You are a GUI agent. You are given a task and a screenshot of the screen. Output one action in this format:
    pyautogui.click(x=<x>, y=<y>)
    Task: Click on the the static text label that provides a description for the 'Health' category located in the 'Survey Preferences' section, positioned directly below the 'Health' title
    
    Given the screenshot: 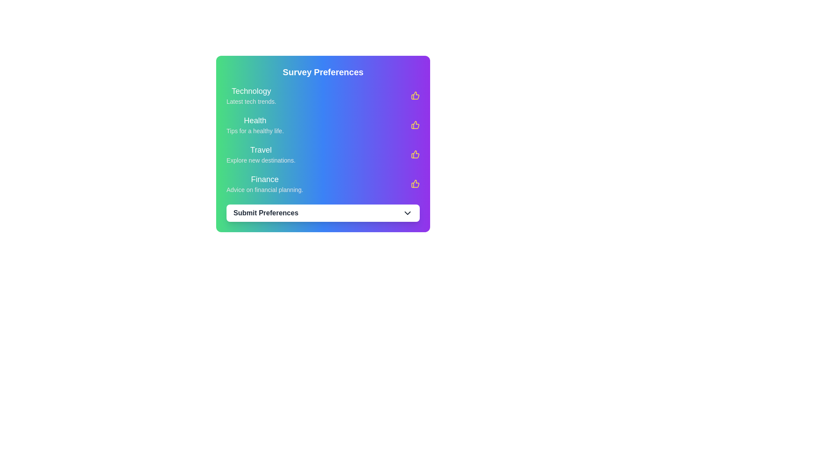 What is the action you would take?
    pyautogui.click(x=255, y=131)
    